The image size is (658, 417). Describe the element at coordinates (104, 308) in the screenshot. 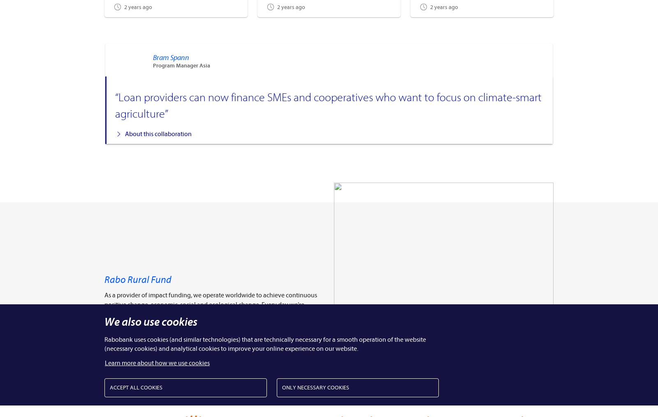

I see `'As a provider of impact funding, we operate worldwide to achieve continuous positive change: economic, social and ecological change. Every day we’re getting closer to our ideal: a fair and sustainable society in which everyone can genuinely participate.'` at that location.